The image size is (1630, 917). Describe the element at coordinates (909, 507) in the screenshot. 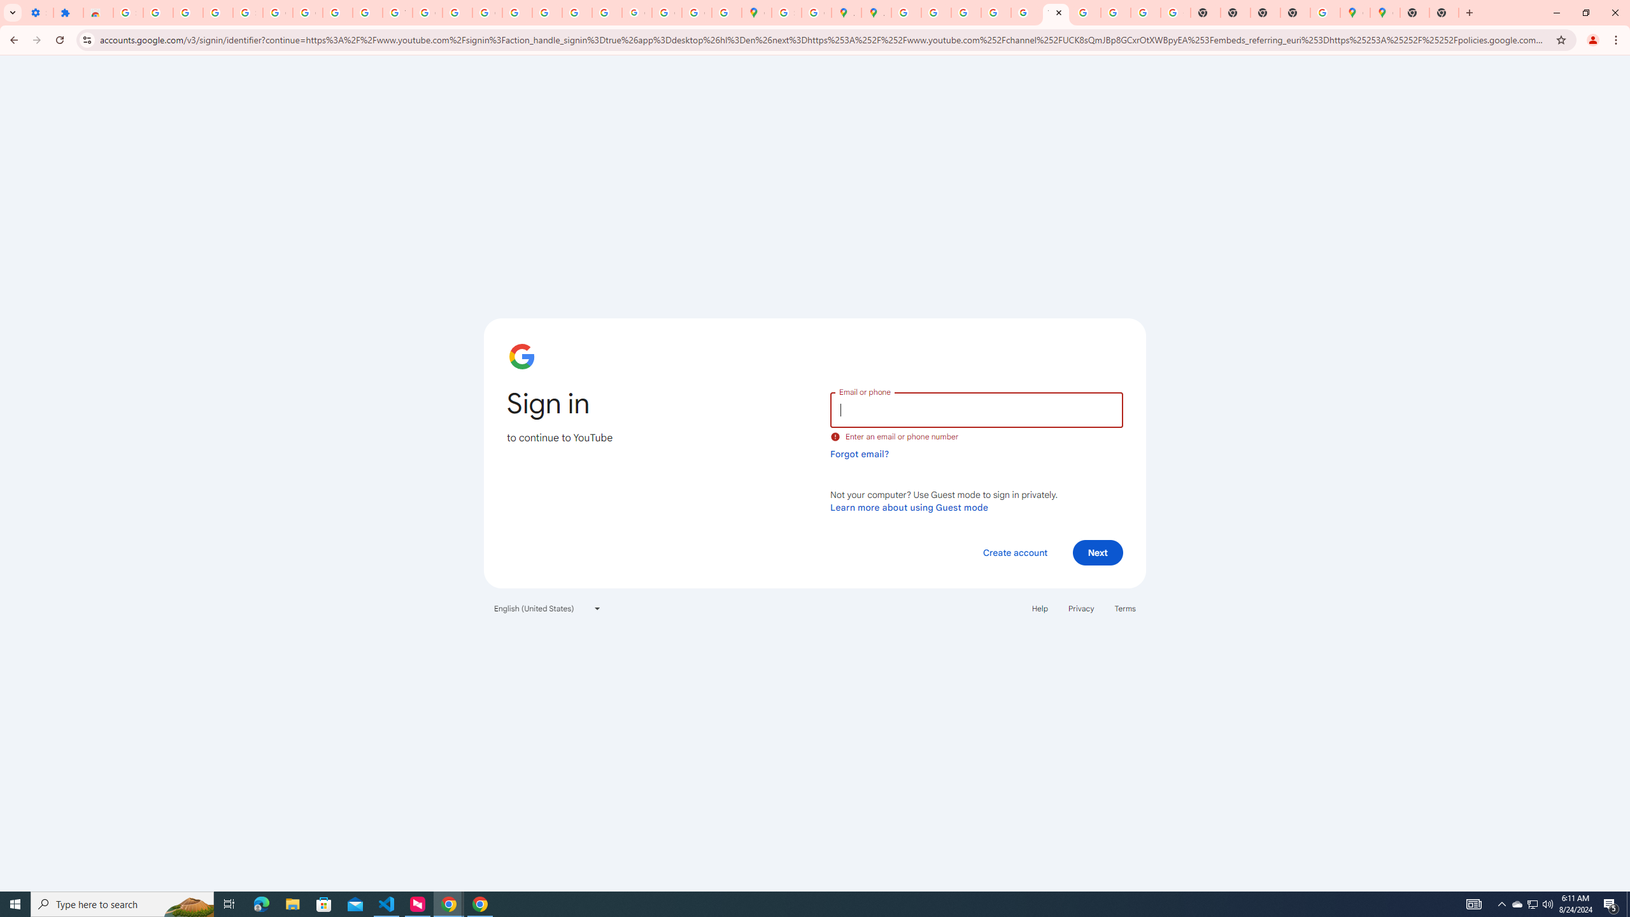

I see `'Learn more about using Guest mode'` at that location.